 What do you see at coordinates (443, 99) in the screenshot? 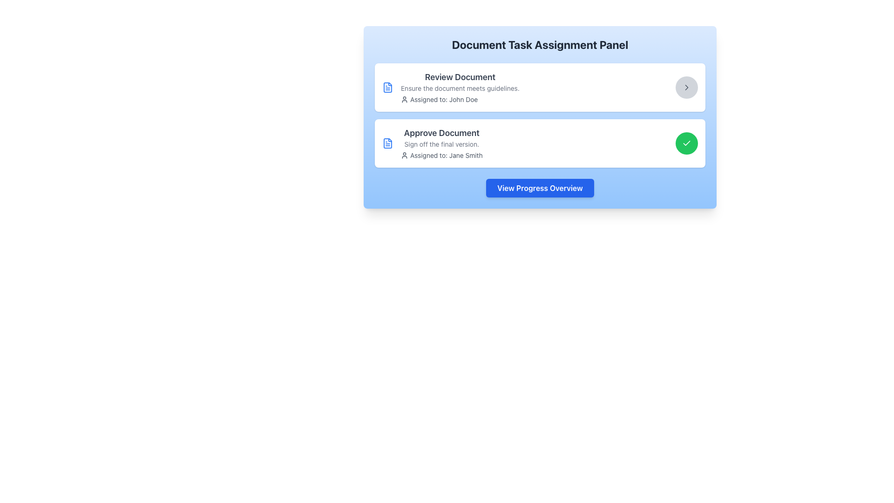
I see `the non-interactive text label displaying 'John Doe' in the upper task panel labeled 'Review Document', which is located under the line 'Ensure the document meets guidelines'` at bounding box center [443, 99].